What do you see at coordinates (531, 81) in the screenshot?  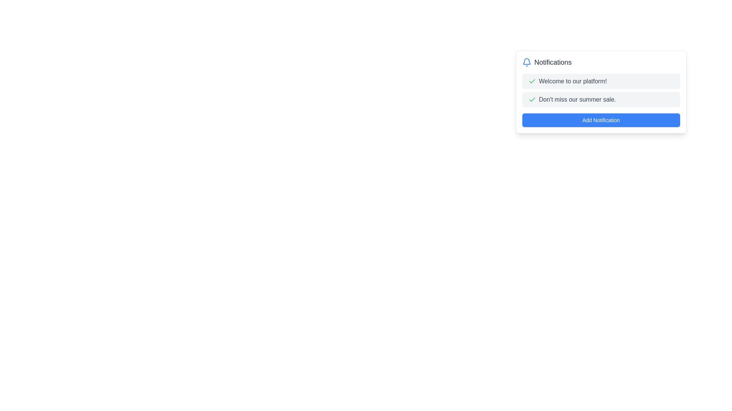 I see `the icon indicating that the associated notification has been acknowledged or approved, located in the first row of the notification dropdown, before the 'Welcome to our platform!' text` at bounding box center [531, 81].